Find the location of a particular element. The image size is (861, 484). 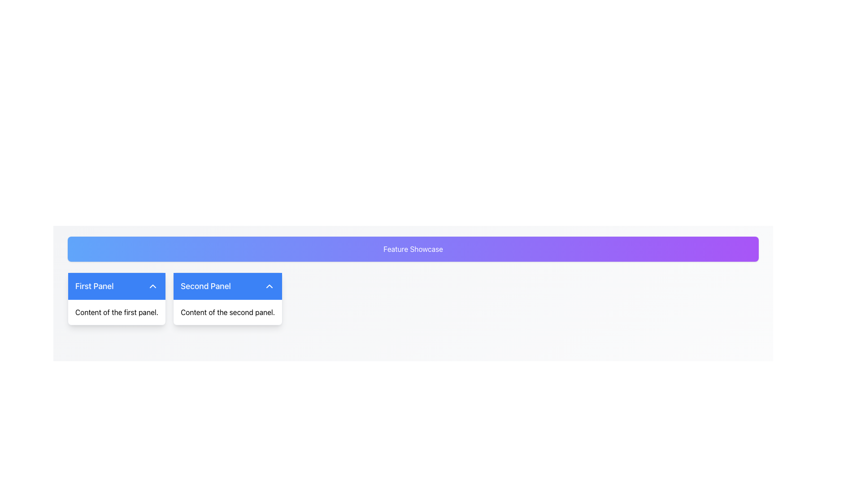

the 'First Panel' collapsible informational panel is located at coordinates (116, 299).